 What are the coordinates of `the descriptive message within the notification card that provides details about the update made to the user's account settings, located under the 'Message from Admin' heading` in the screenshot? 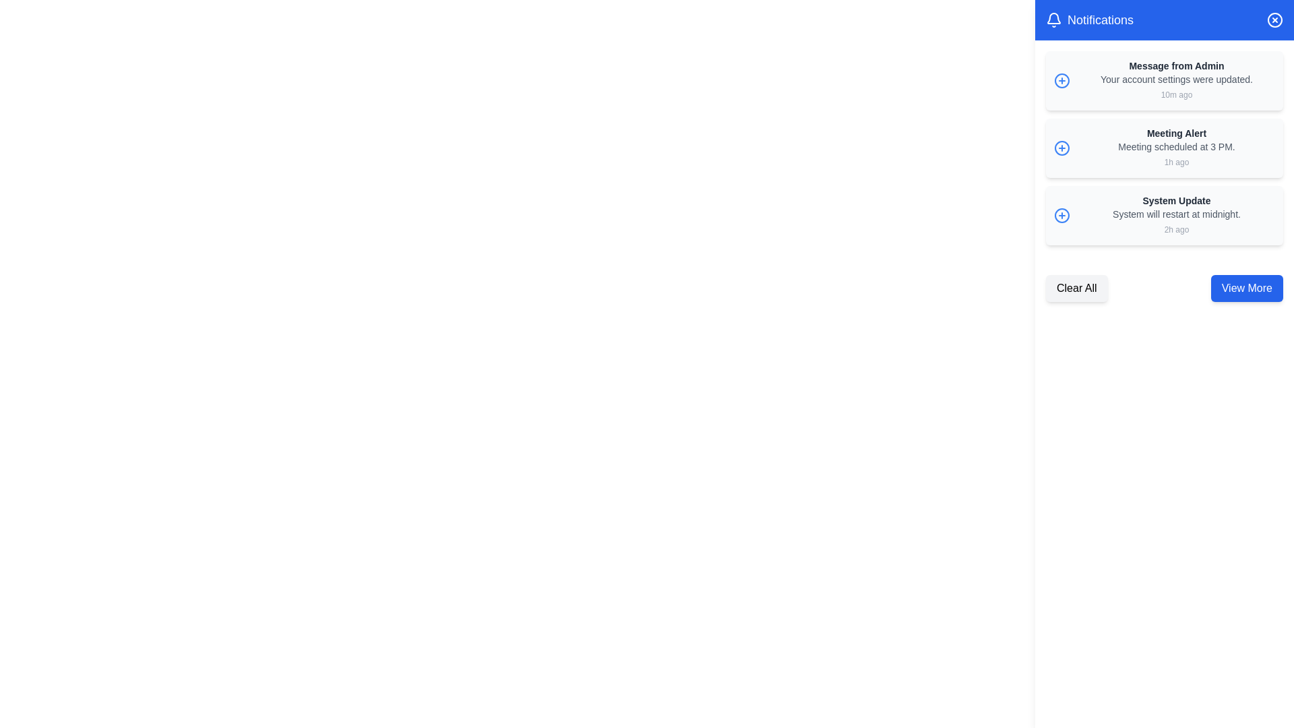 It's located at (1176, 80).